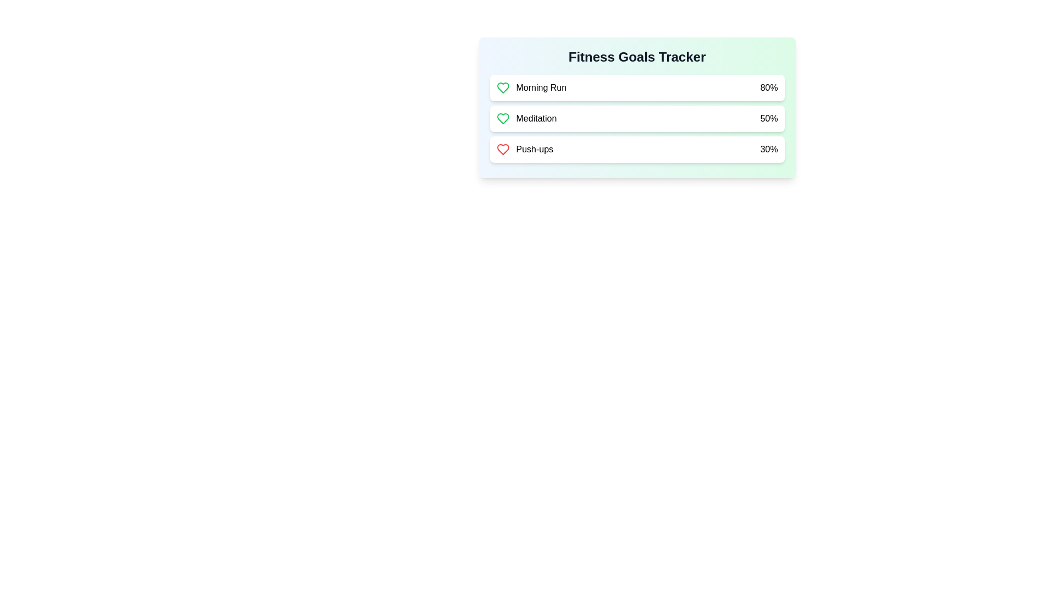 The width and height of the screenshot is (1056, 594). I want to click on the red heart icon indicating a negative status in the 'Fitness Goals Tracker' interface, so click(502, 150).